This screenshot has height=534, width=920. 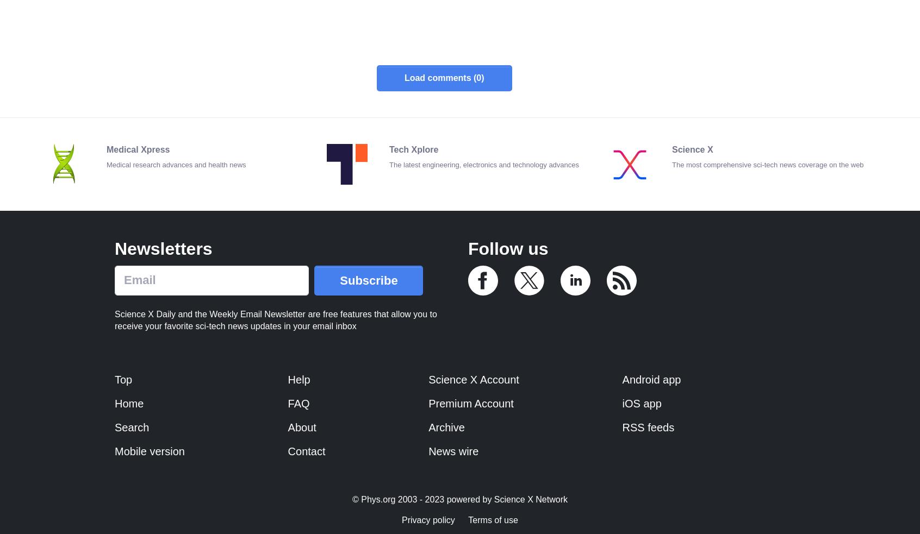 What do you see at coordinates (275, 320) in the screenshot?
I see `'Science X Daily and the Weekly Email Newsletter are free features that allow you to receive your favorite sci-tech news updates in your email inbox'` at bounding box center [275, 320].